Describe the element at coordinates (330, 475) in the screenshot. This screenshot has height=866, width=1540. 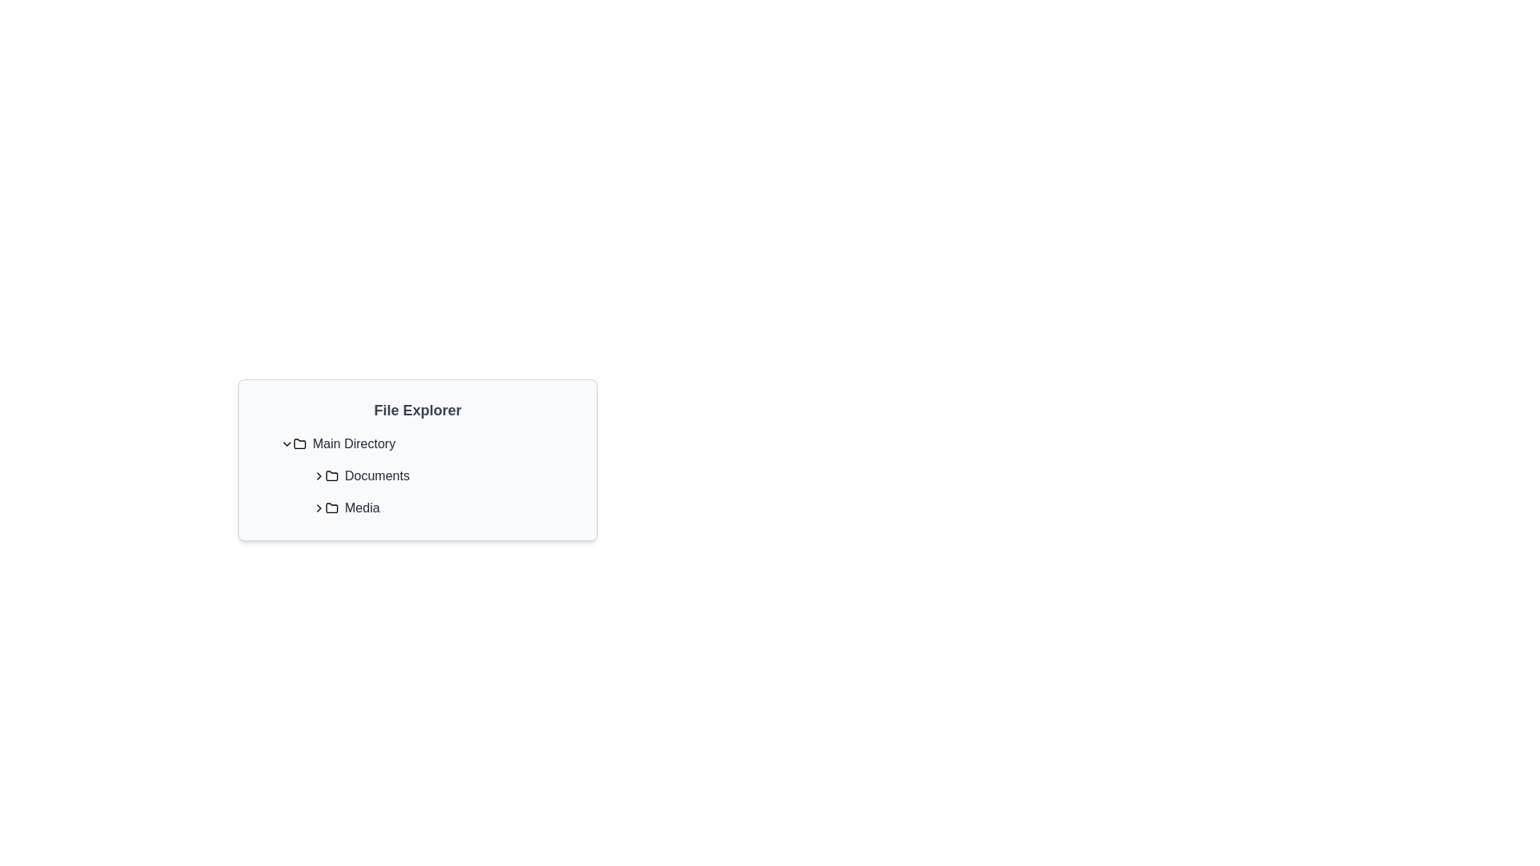
I see `the folder icon located to the left of the 'Documents' text in the file explorer` at that location.